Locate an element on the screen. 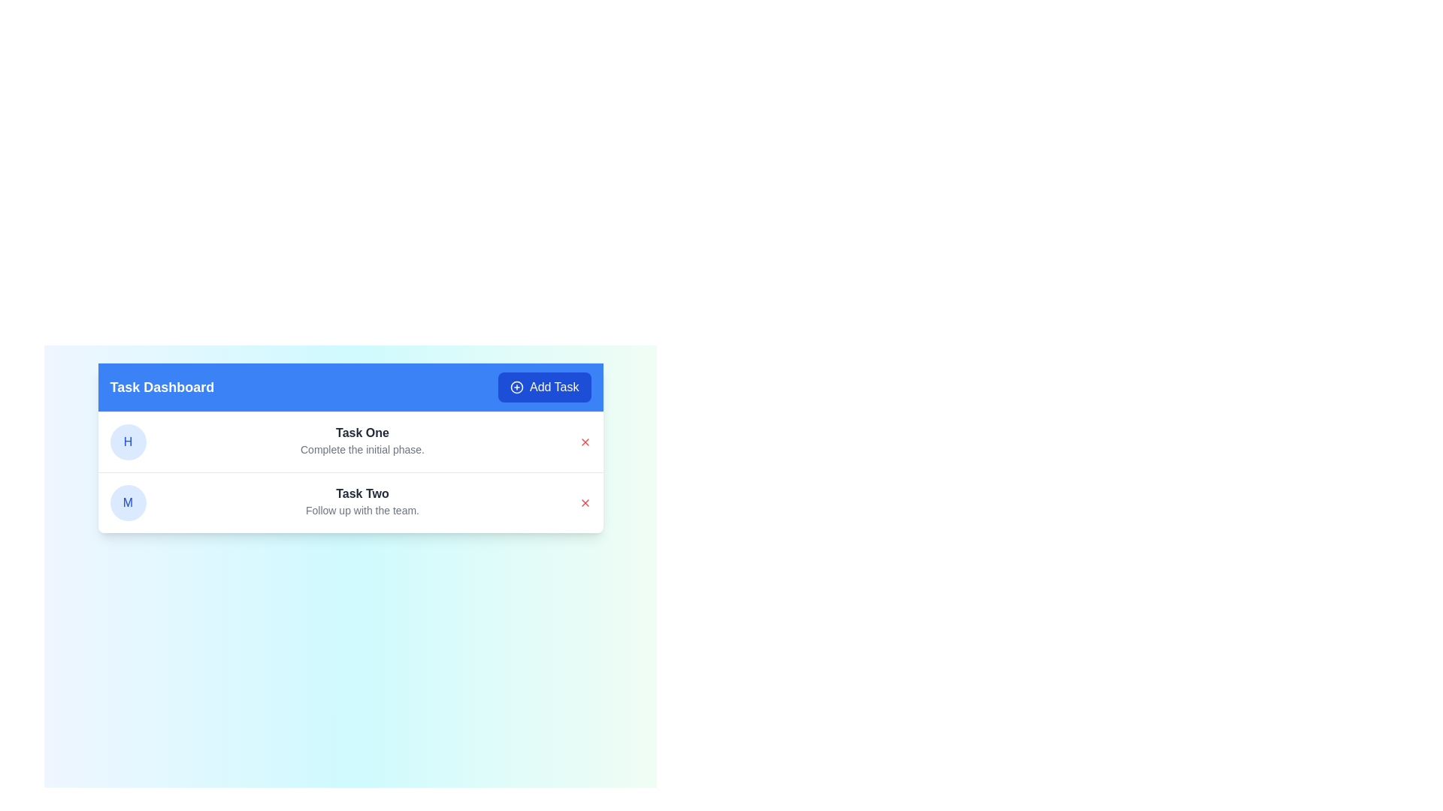 This screenshot has height=811, width=1443. the SVG circle that is part of the 'Add Task' button, located at the center of the button's left icon is located at coordinates (516, 387).